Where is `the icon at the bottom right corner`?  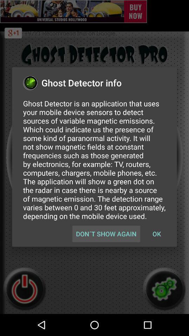
the icon at the bottom right corner is located at coordinates (156, 234).